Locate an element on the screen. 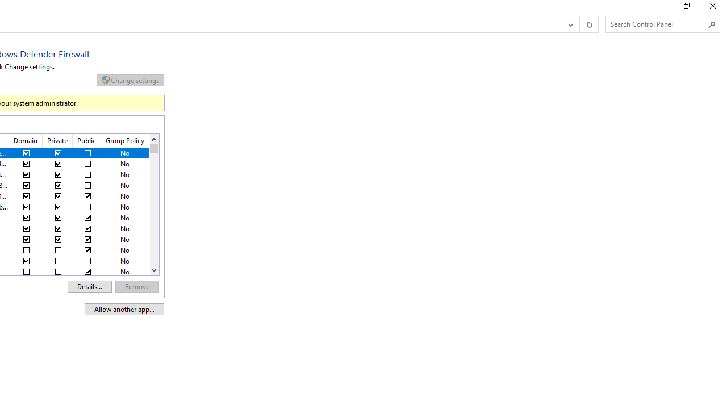 This screenshot has width=727, height=409. 'Search' is located at coordinates (711, 24).